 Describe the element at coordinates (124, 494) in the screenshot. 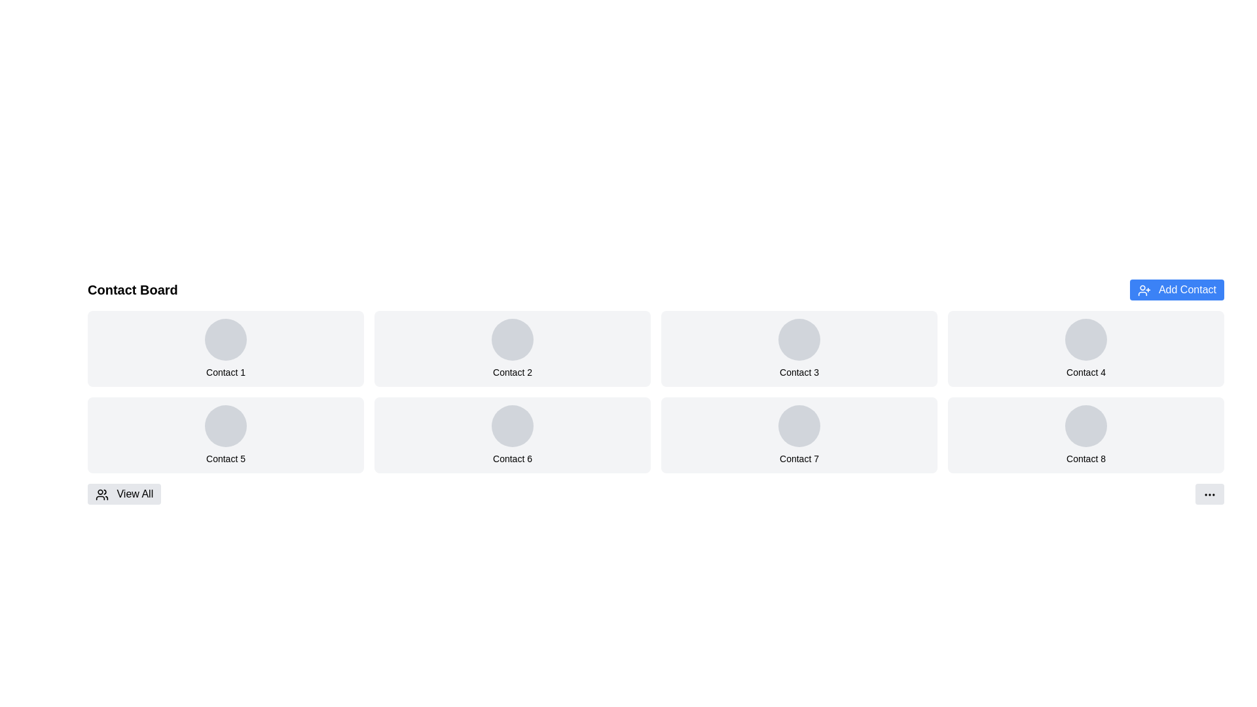

I see `the button that reveals a full list of contacts to observe a state change` at that location.